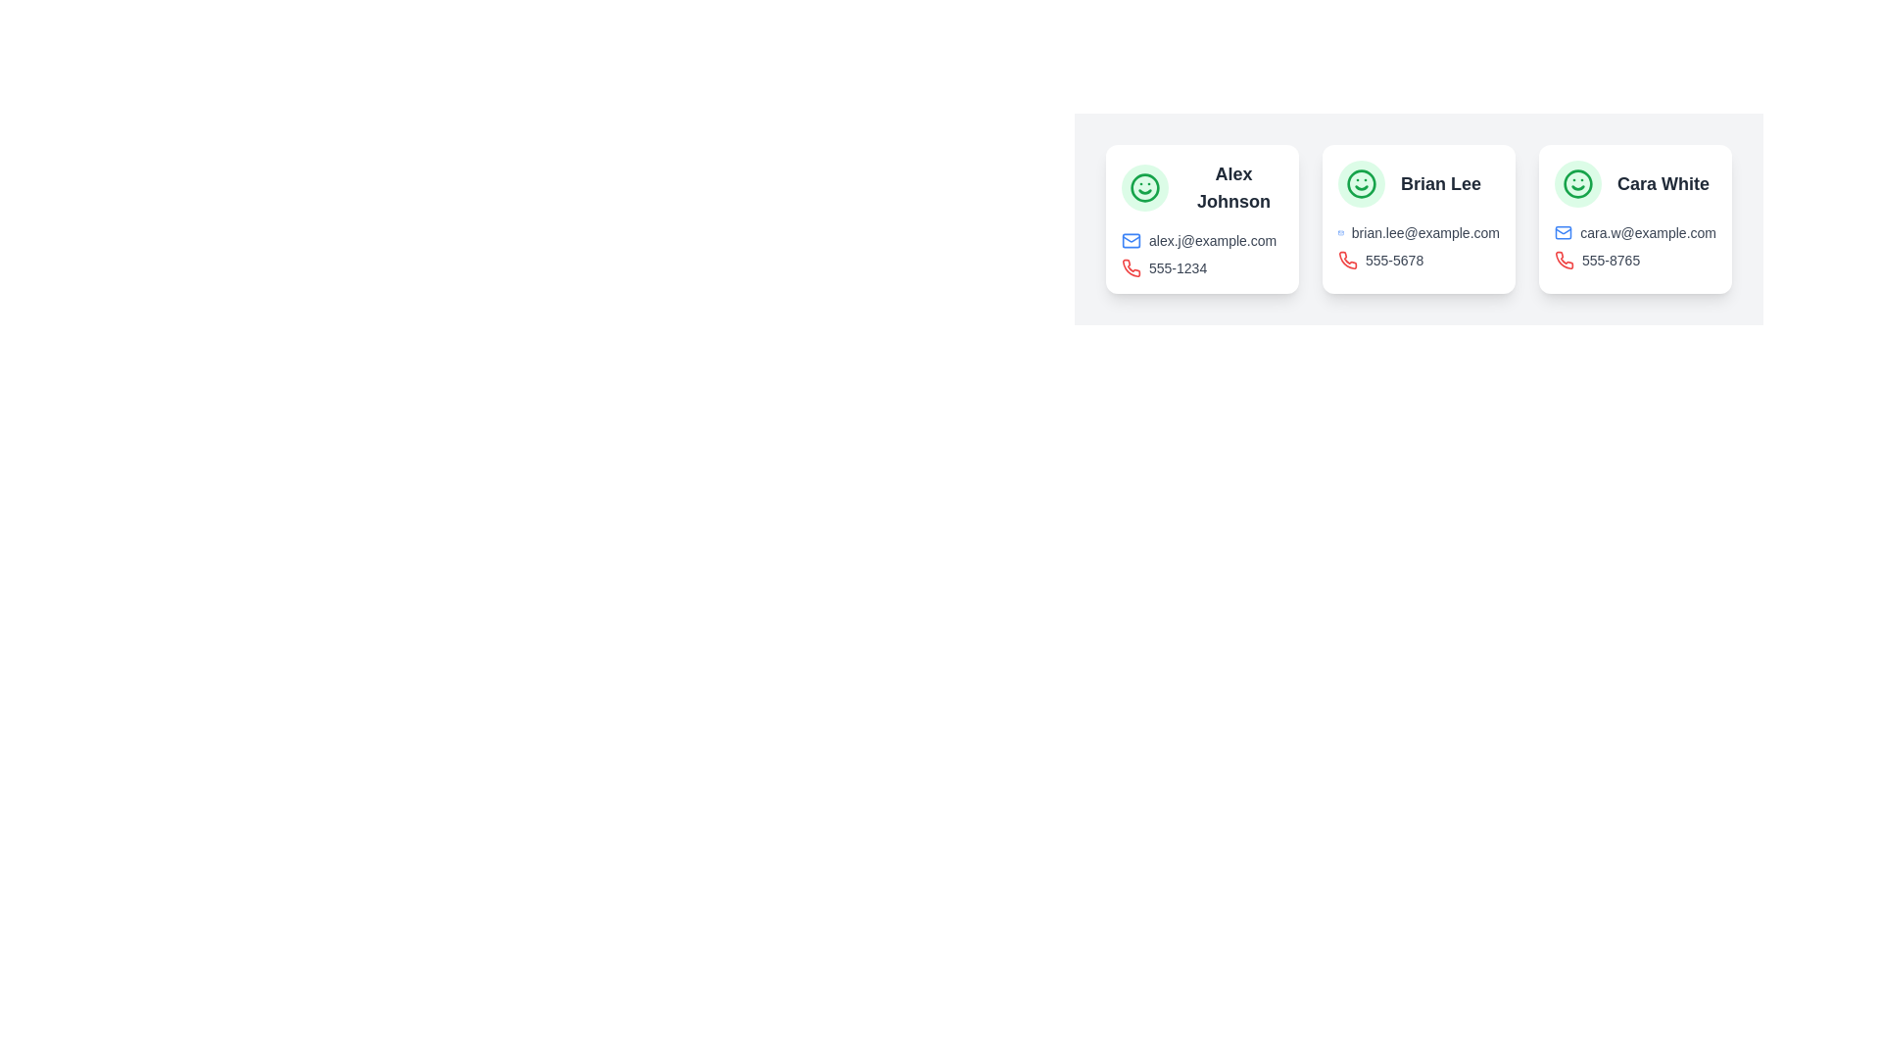 The width and height of the screenshot is (1881, 1058). What do you see at coordinates (1145, 188) in the screenshot?
I see `the icon representing a positive demeanor associated with the user 'Alex Johnson' for interaction` at bounding box center [1145, 188].